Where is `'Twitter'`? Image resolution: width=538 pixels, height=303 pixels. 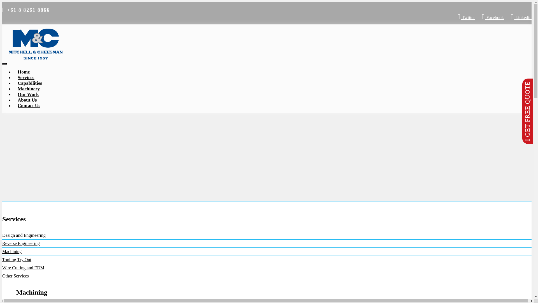
'Twitter' is located at coordinates (466, 17).